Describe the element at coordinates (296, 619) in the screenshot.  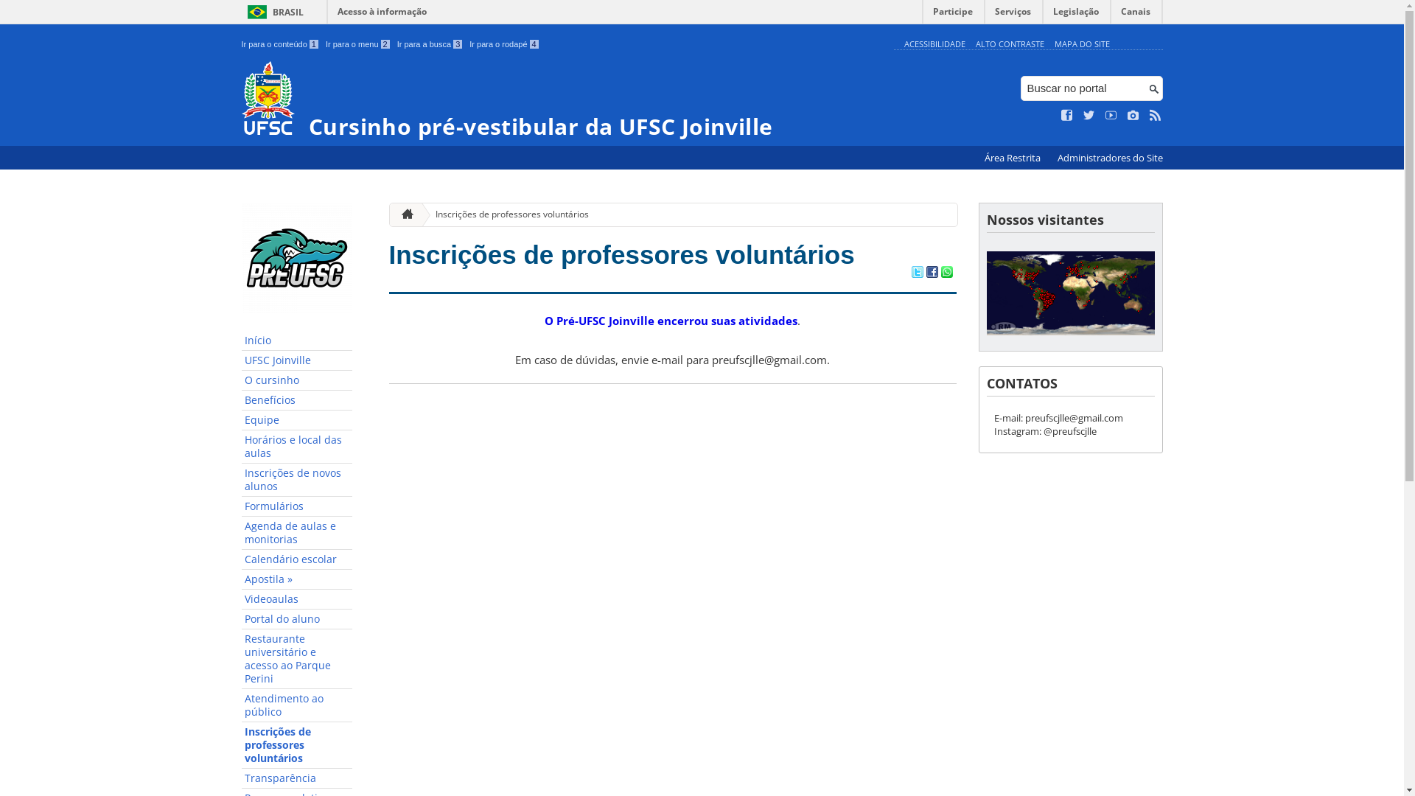
I see `'Portal do aluno'` at that location.